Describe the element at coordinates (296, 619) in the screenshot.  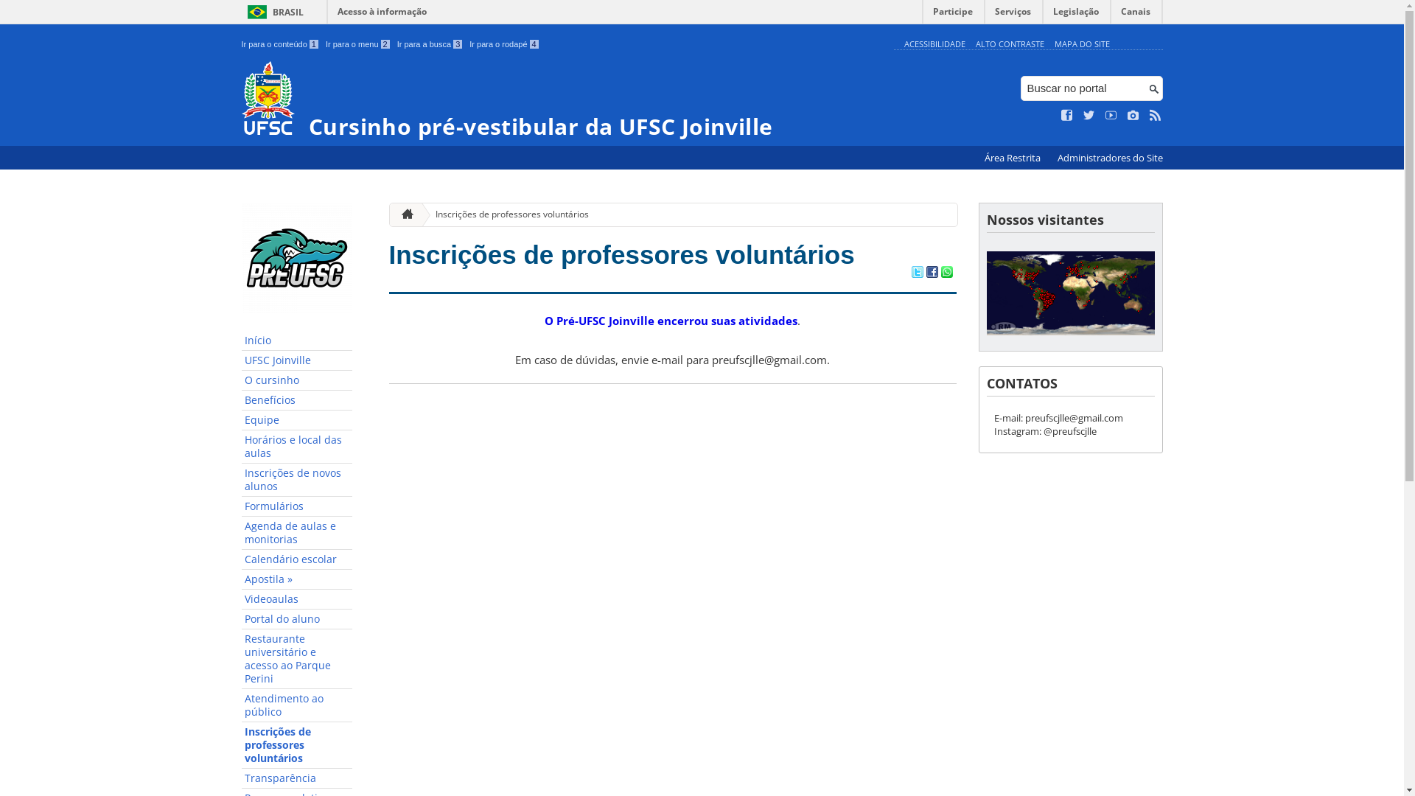
I see `'Portal do aluno'` at that location.